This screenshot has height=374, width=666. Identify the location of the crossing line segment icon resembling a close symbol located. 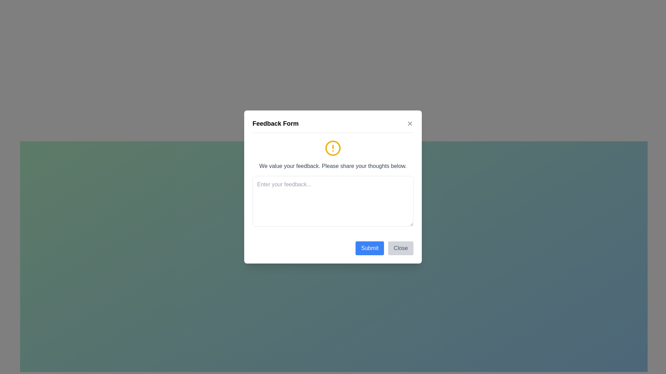
(410, 123).